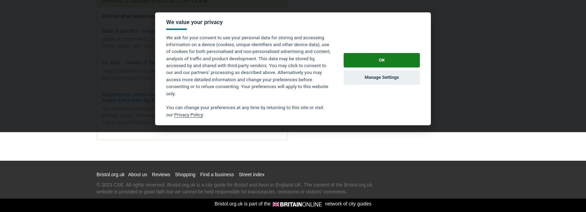  Describe the element at coordinates (216, 30) in the screenshot. I see `'by Brad'` at that location.